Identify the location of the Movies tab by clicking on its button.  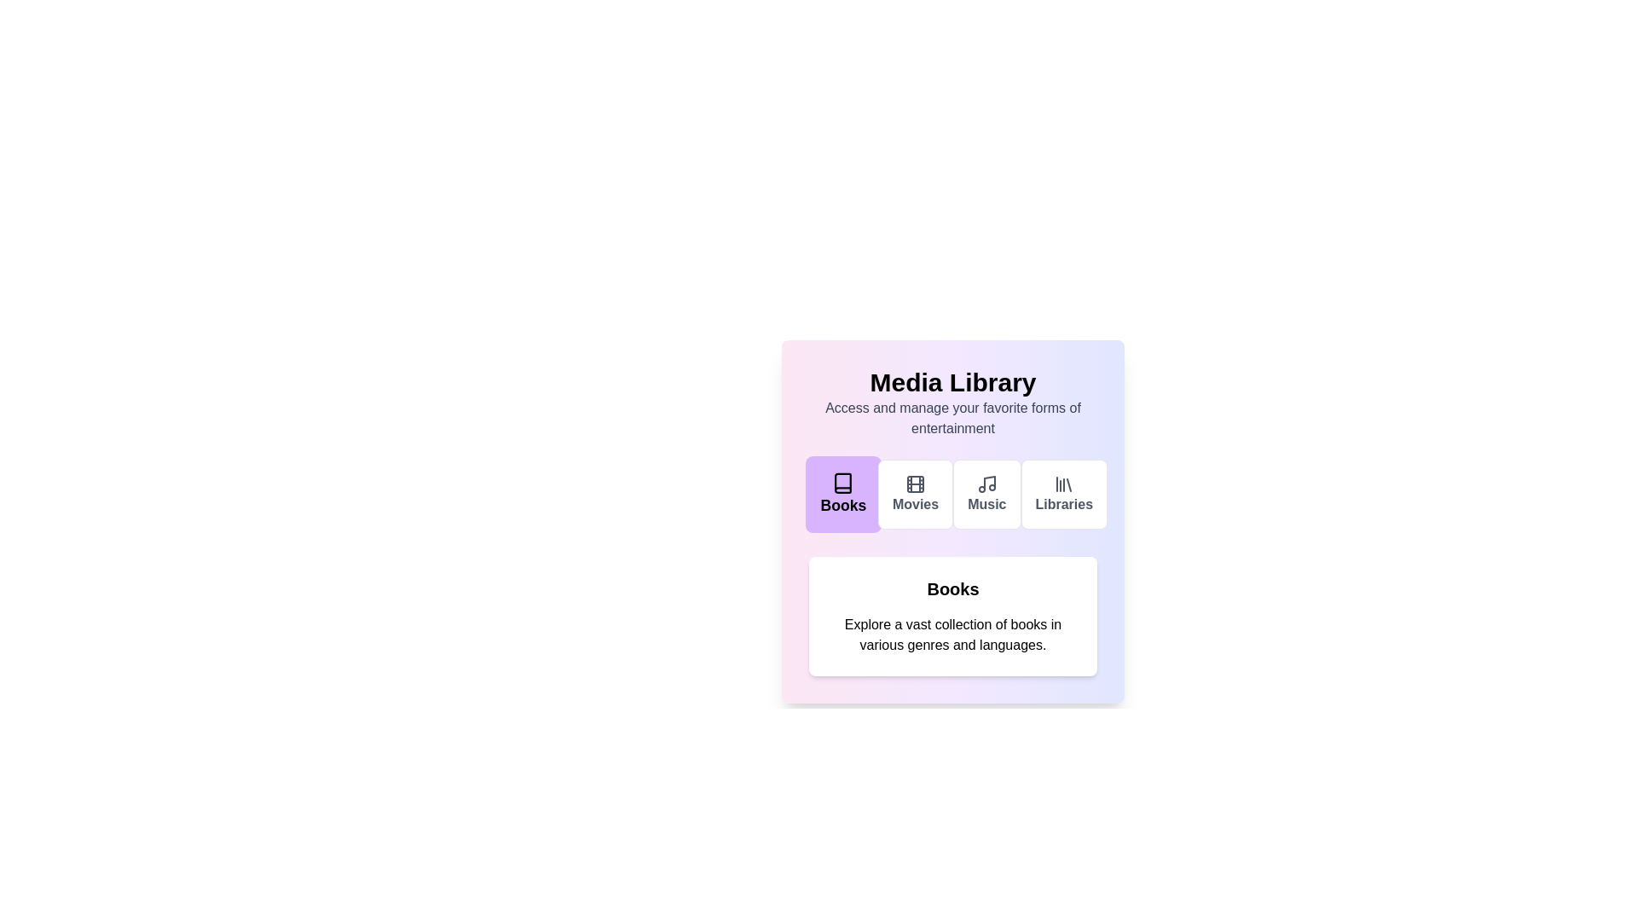
(915, 494).